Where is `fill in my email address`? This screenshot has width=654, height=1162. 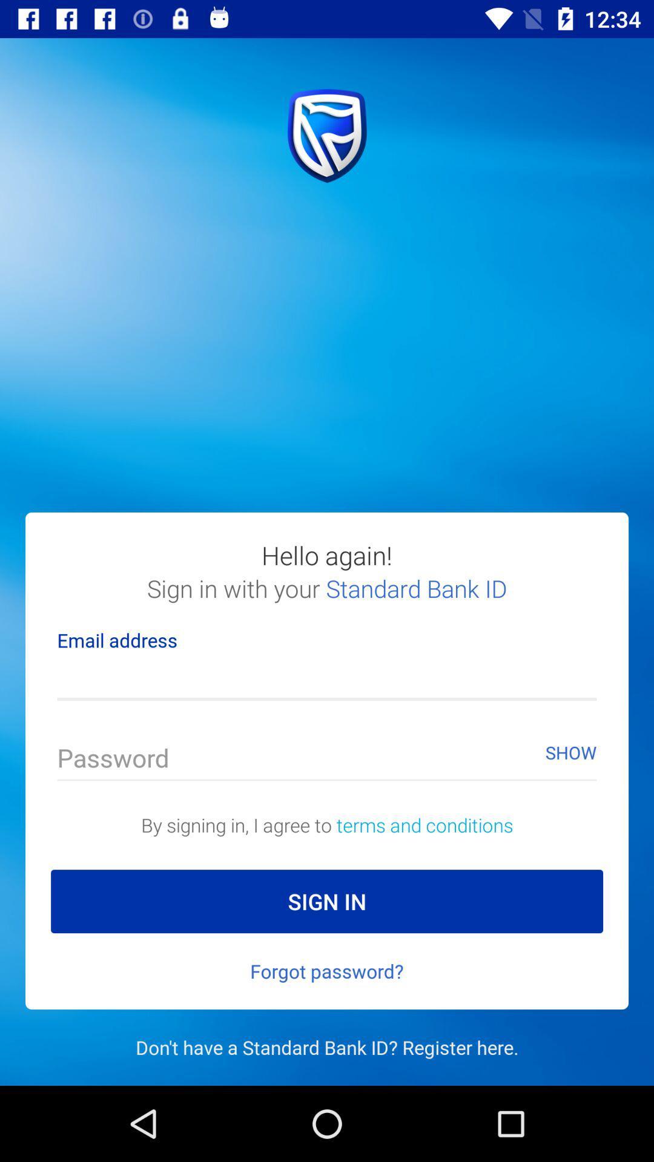
fill in my email address is located at coordinates (327, 679).